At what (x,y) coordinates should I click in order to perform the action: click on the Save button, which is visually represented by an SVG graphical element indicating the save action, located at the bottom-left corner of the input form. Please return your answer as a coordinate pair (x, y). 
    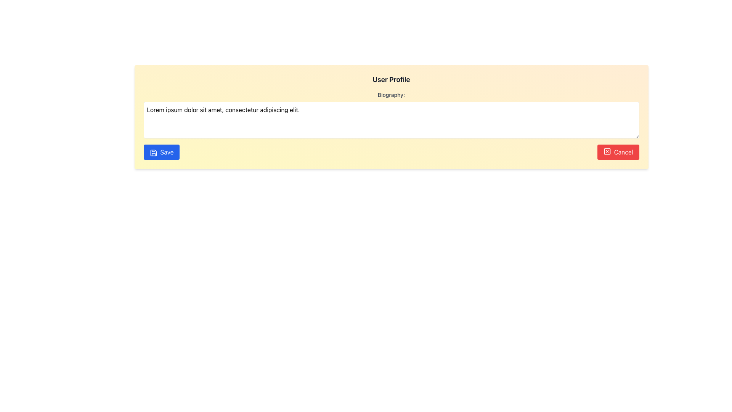
    Looking at the image, I should click on (153, 153).